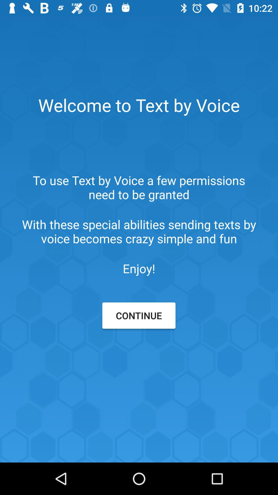  What do you see at coordinates (138, 315) in the screenshot?
I see `item below enjoy!` at bounding box center [138, 315].